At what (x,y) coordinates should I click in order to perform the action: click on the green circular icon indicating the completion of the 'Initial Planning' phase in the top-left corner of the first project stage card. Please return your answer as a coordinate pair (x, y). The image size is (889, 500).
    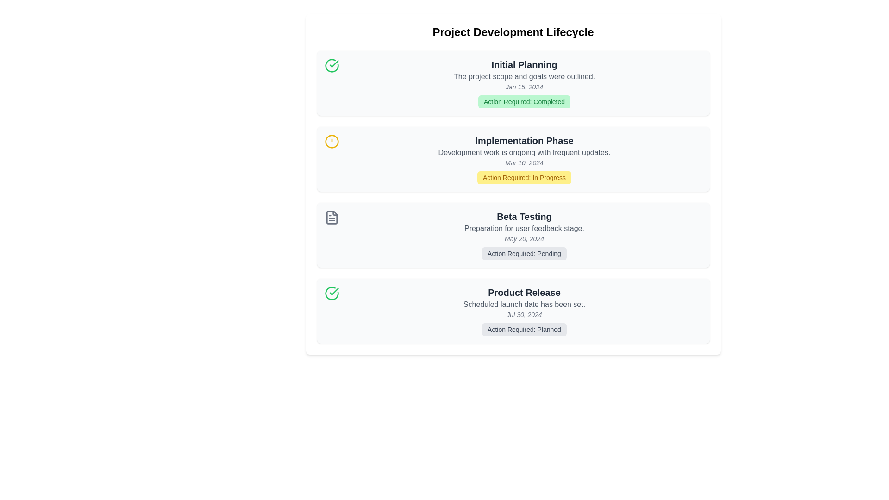
    Looking at the image, I should click on (333, 63).